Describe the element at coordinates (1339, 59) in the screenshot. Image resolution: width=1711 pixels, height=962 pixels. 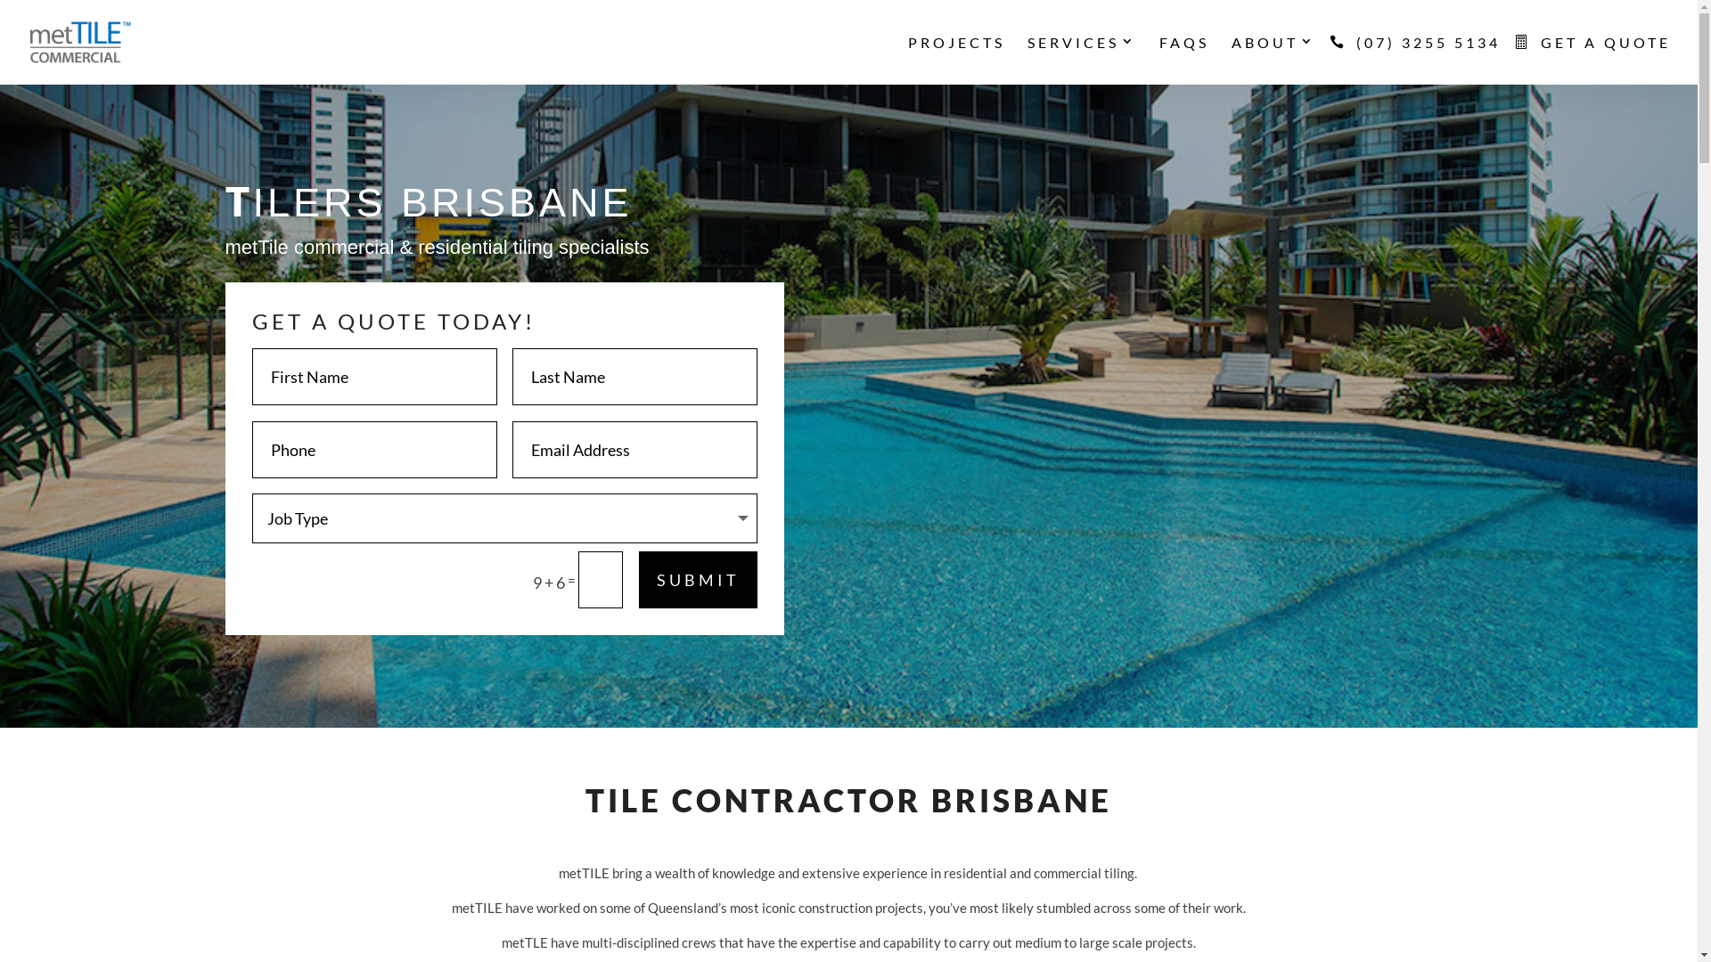
I see `'(07) 3255 5134'` at that location.